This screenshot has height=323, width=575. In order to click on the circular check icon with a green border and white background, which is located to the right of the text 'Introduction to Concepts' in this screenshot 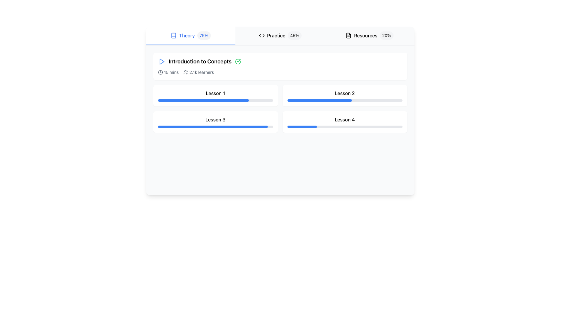, I will do `click(238, 61)`.